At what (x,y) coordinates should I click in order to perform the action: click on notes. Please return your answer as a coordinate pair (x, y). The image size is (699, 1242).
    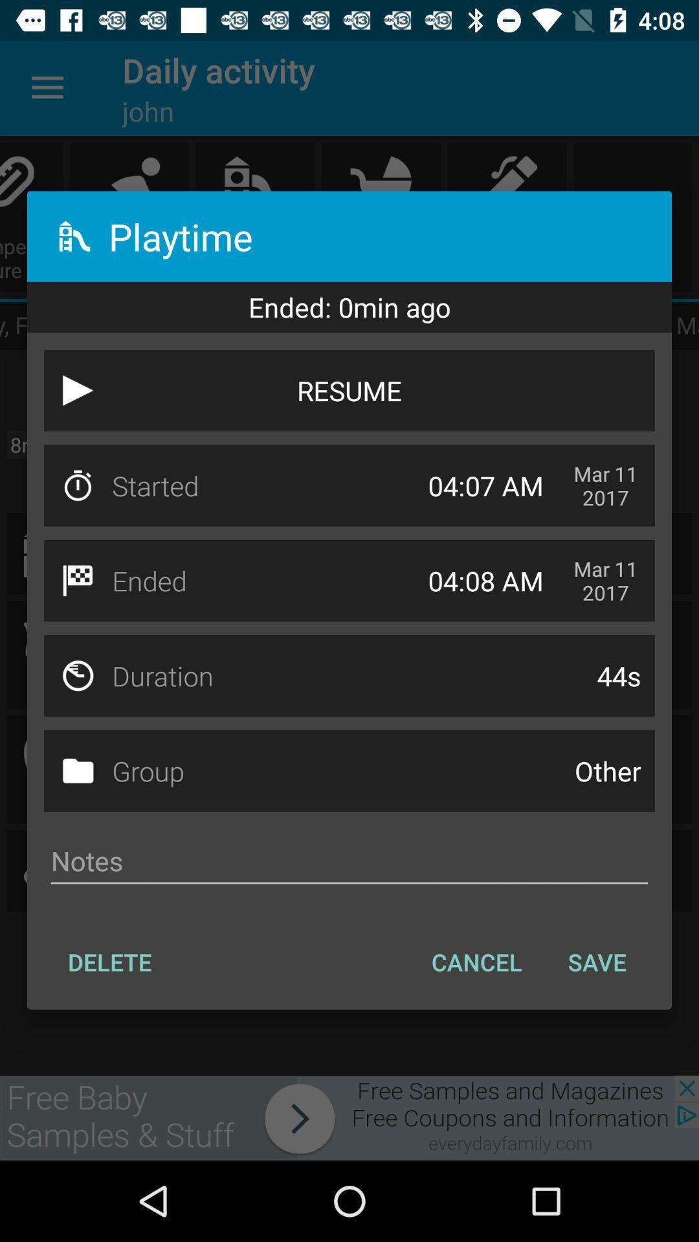
    Looking at the image, I should click on (349, 861).